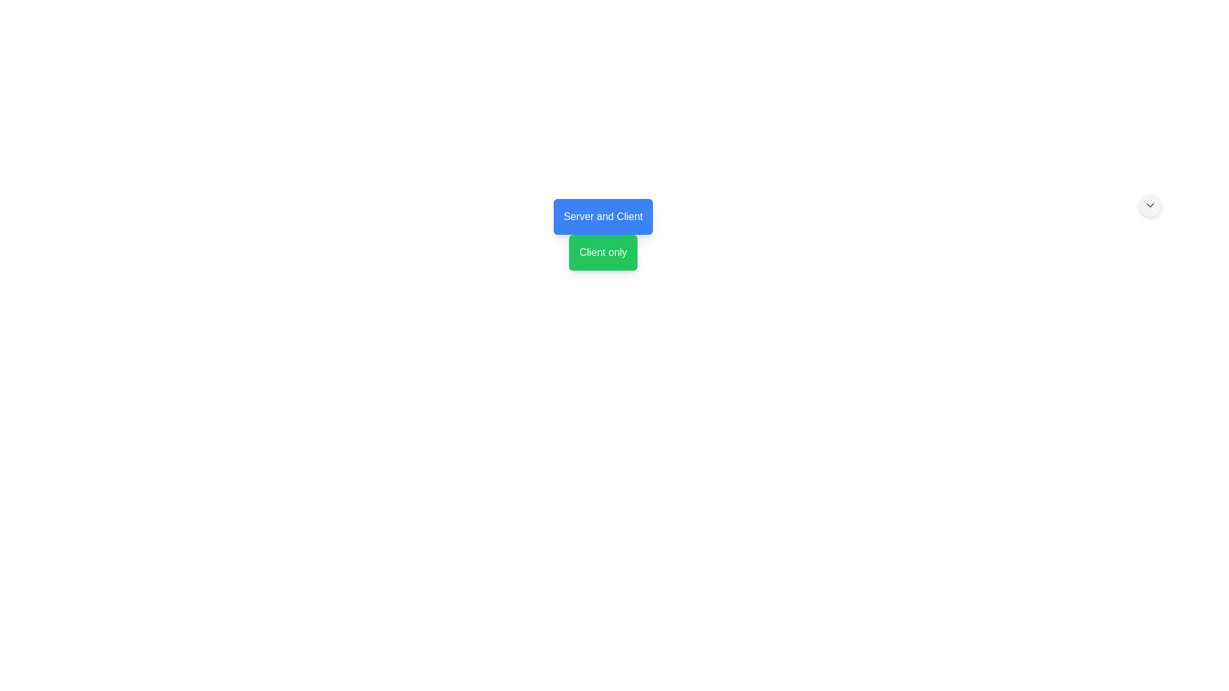 This screenshot has width=1229, height=691. I want to click on the 'Client only' button, which is a rectangular button with a green background and white text, located centrally below the 'Server and Client' button, so click(602, 252).